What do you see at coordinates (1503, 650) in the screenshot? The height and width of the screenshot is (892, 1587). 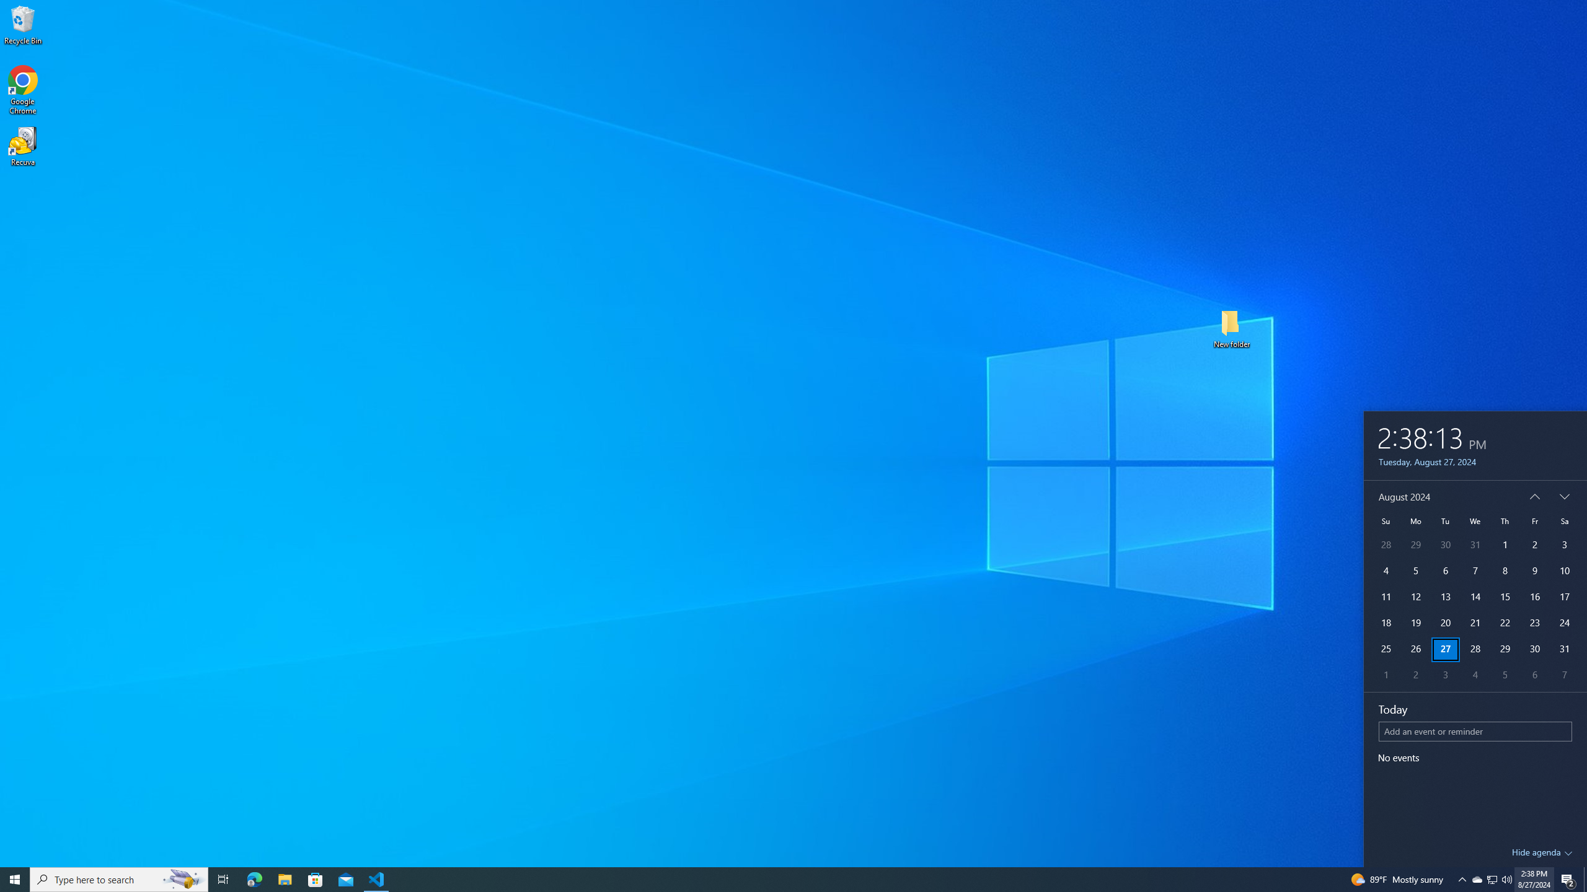 I see `'29'` at bounding box center [1503, 650].